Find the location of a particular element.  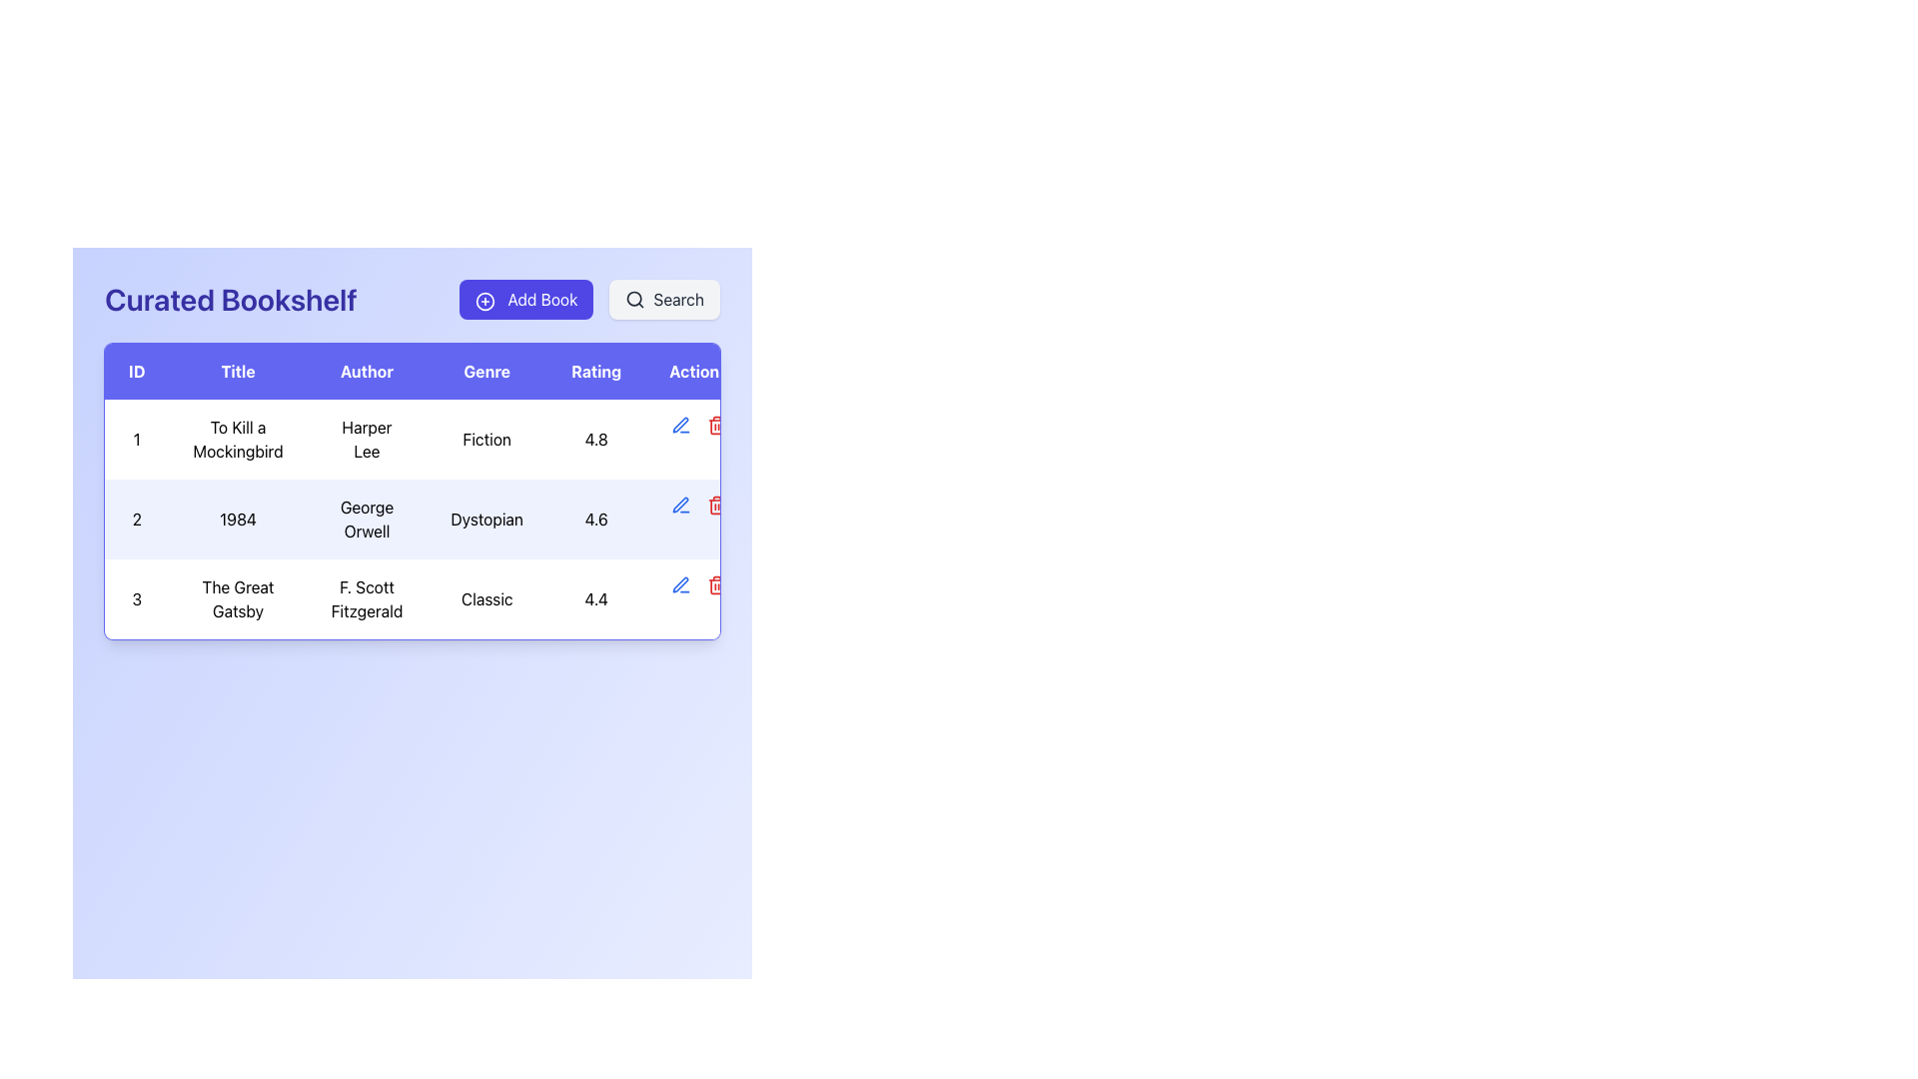

the red trash can icon located is located at coordinates (716, 584).